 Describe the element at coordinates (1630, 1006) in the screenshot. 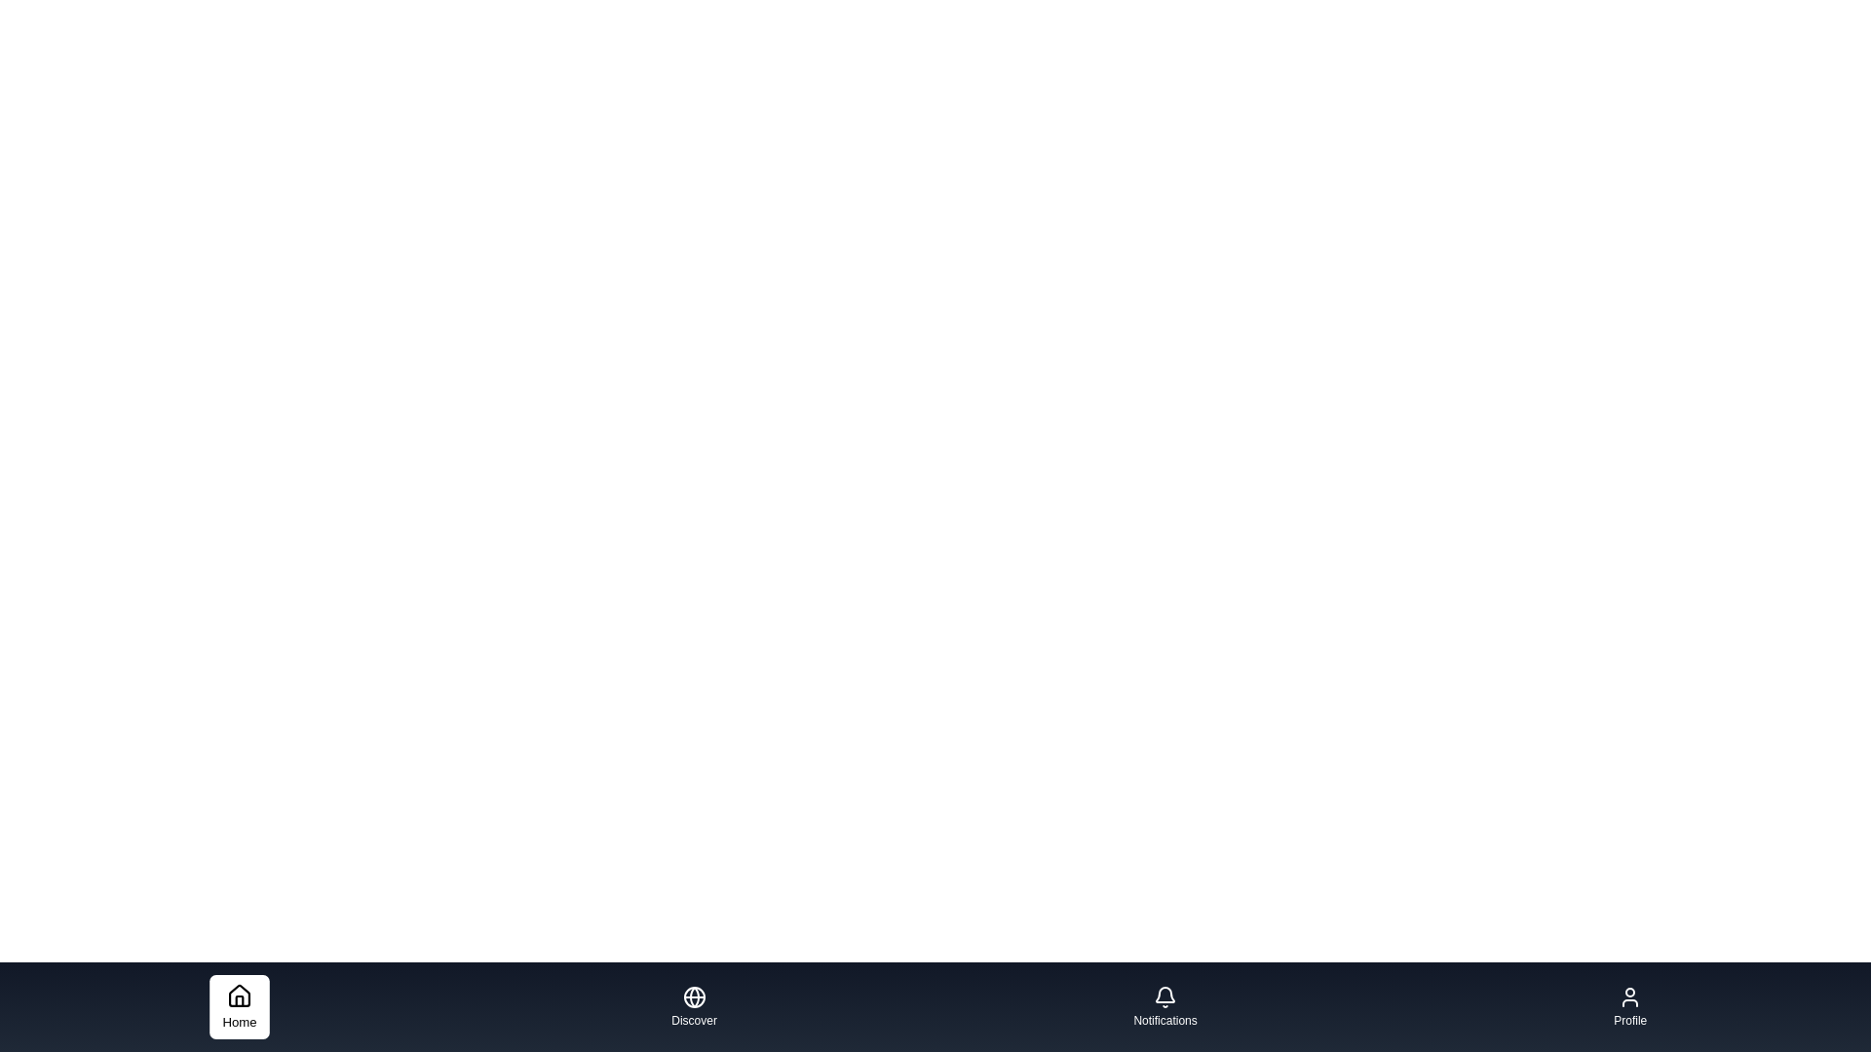

I see `the Profile navigation tab to activate it` at that location.